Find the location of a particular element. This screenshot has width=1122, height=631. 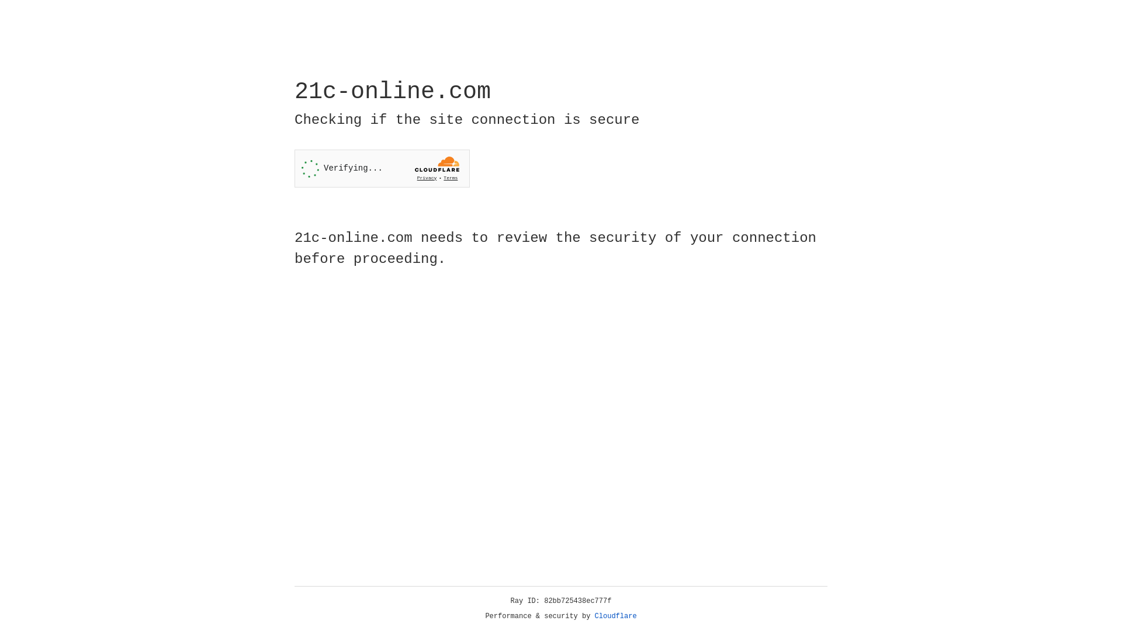

'Cloudflare' is located at coordinates (615, 616).